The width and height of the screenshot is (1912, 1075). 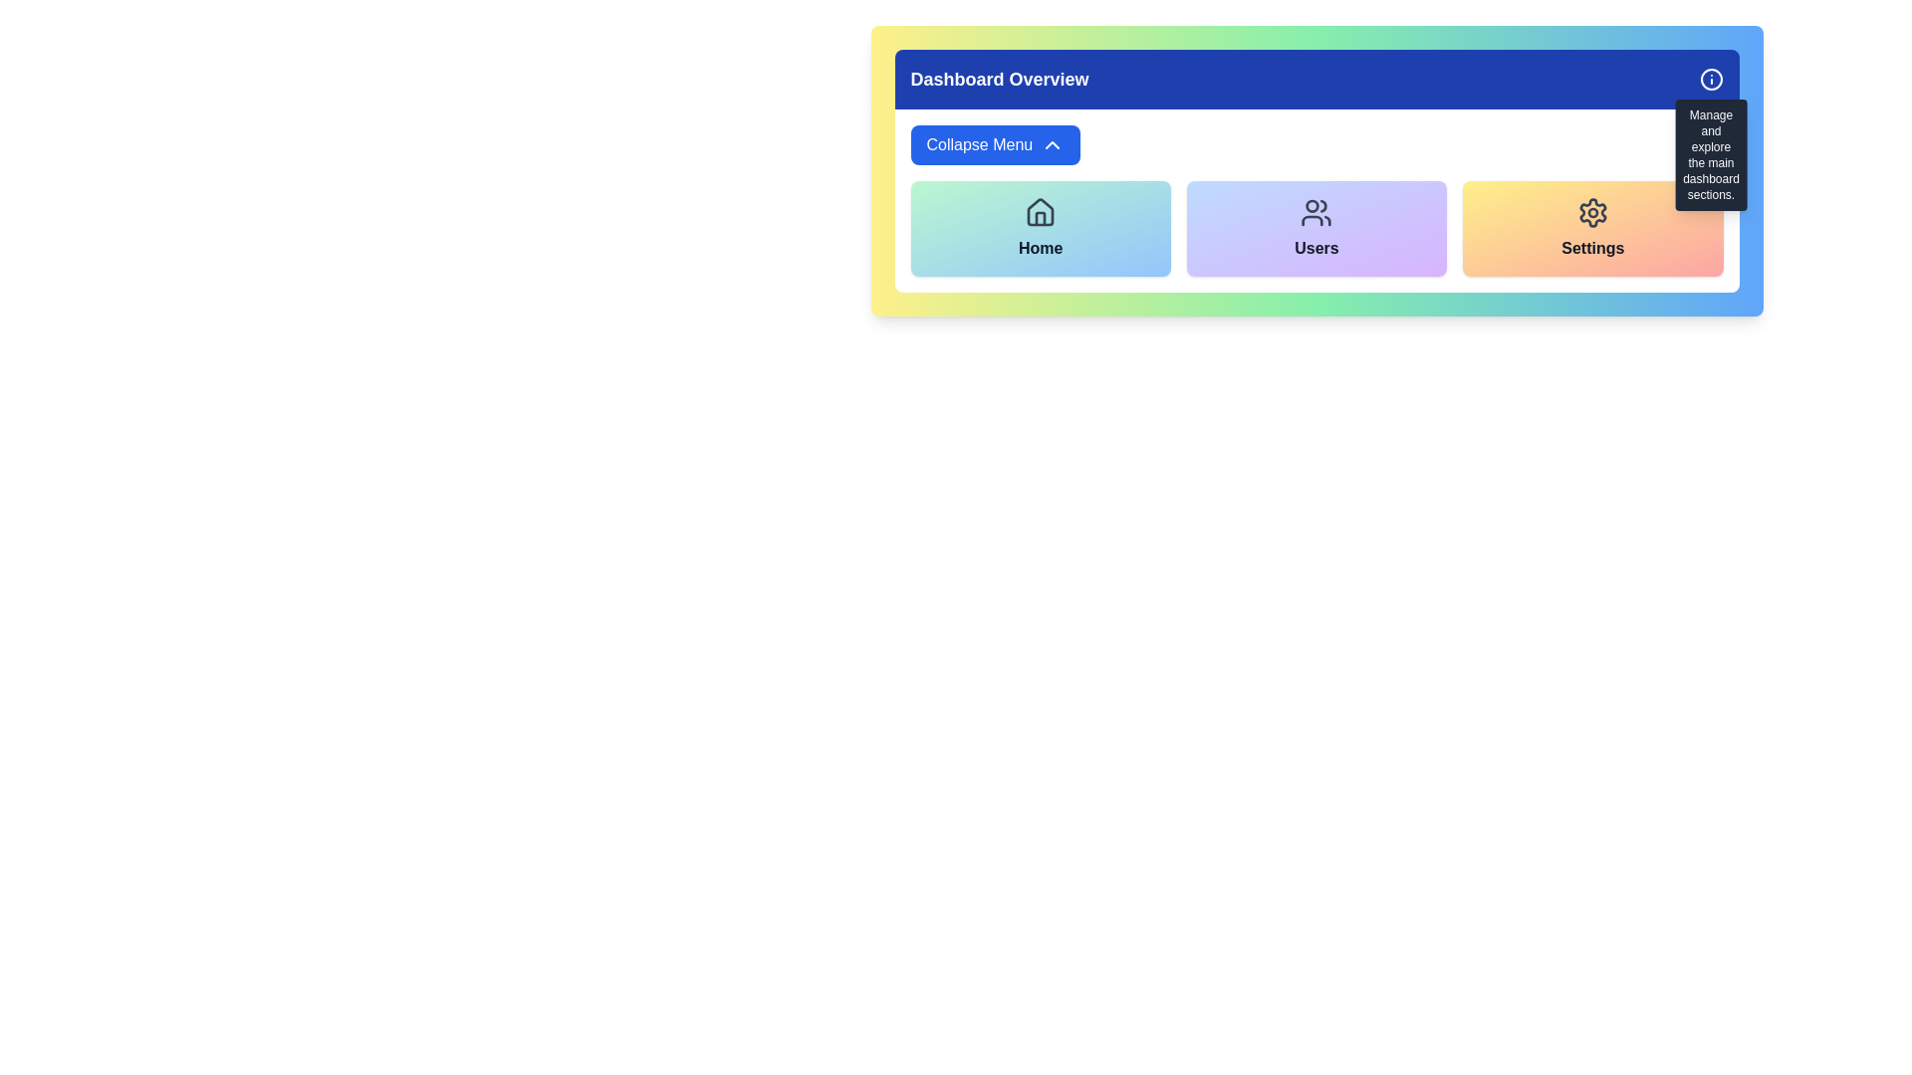 What do you see at coordinates (1040, 212) in the screenshot?
I see `the house icon within the 'Home' button, which is the first navigation option in the interface` at bounding box center [1040, 212].